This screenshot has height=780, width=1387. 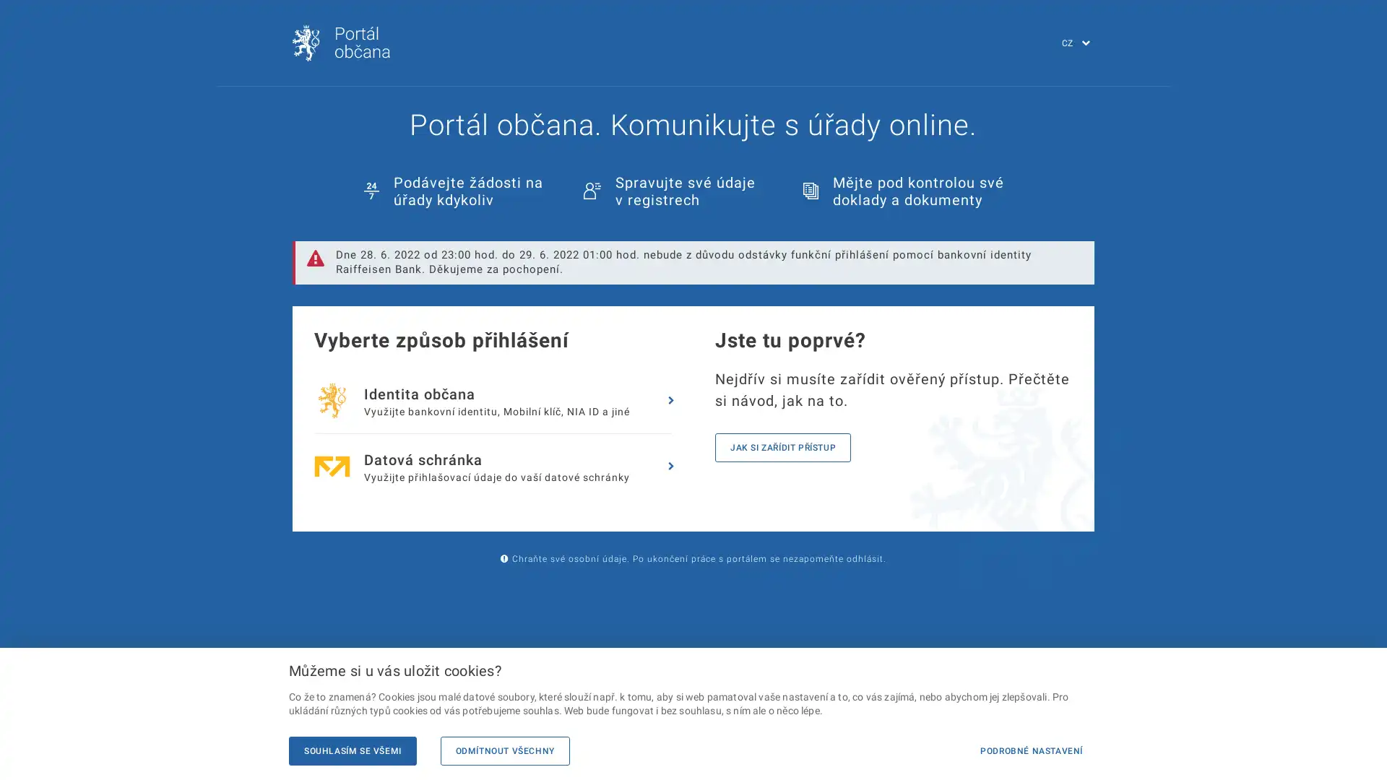 What do you see at coordinates (495, 466) in the screenshot?
I see `Datova schranka Datova schranka Vyuzijte prihlasovaci udaje do vasi datove schranky` at bounding box center [495, 466].